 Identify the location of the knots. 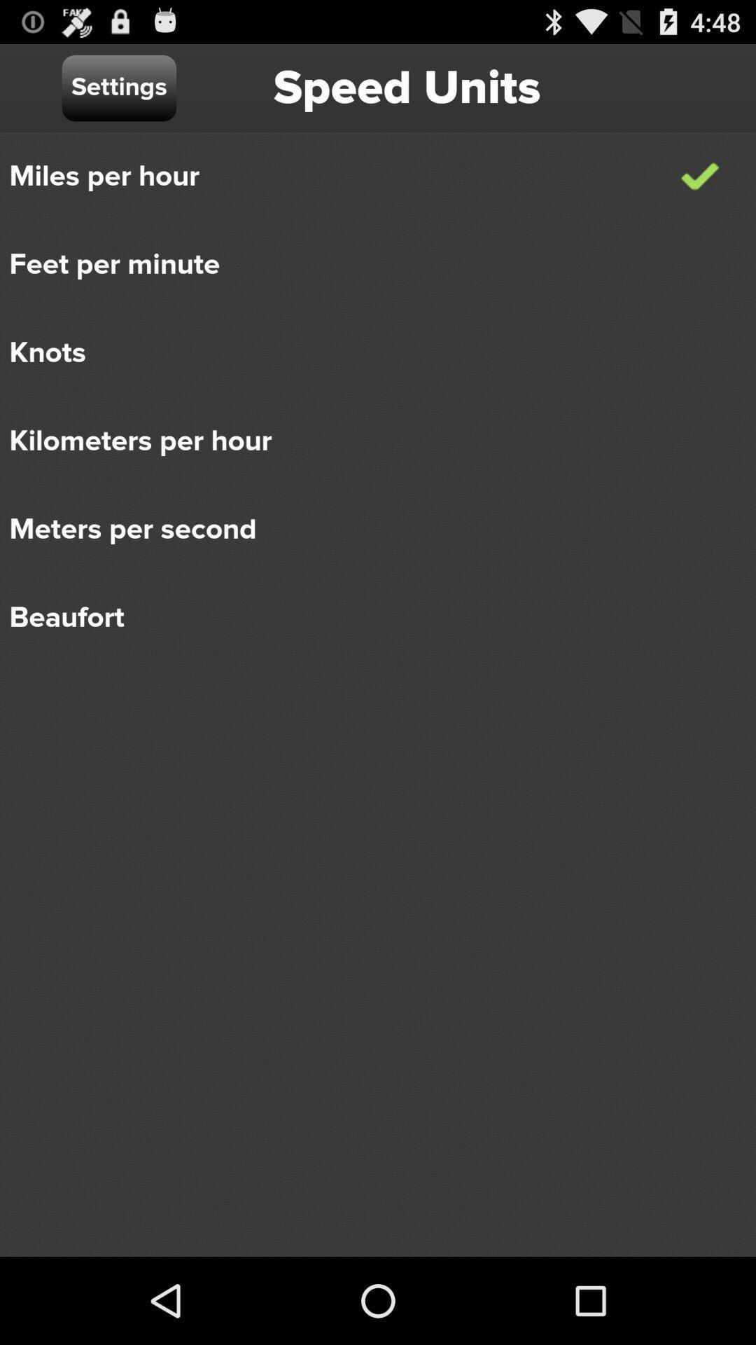
(367, 353).